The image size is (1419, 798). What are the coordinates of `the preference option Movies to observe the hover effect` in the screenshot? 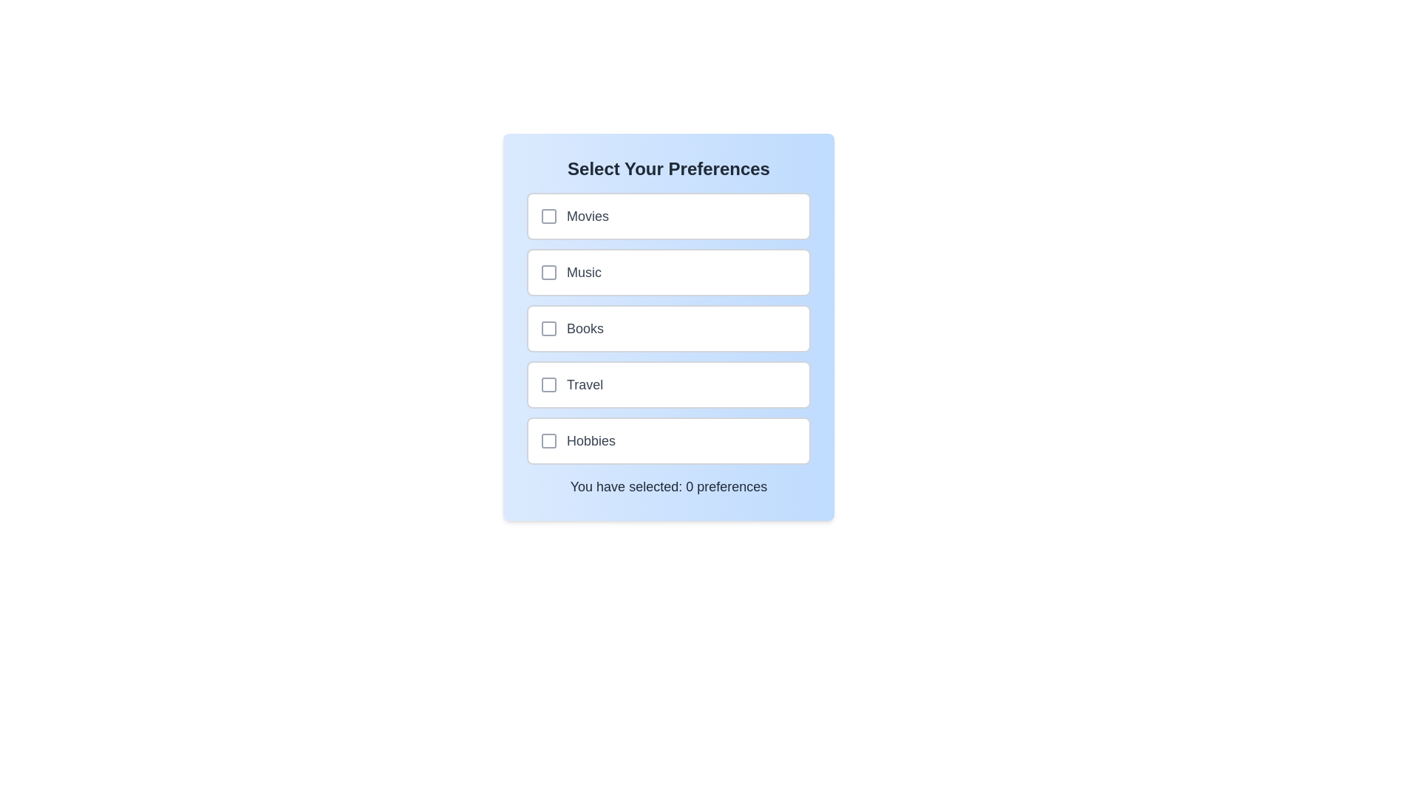 It's located at (668, 216).